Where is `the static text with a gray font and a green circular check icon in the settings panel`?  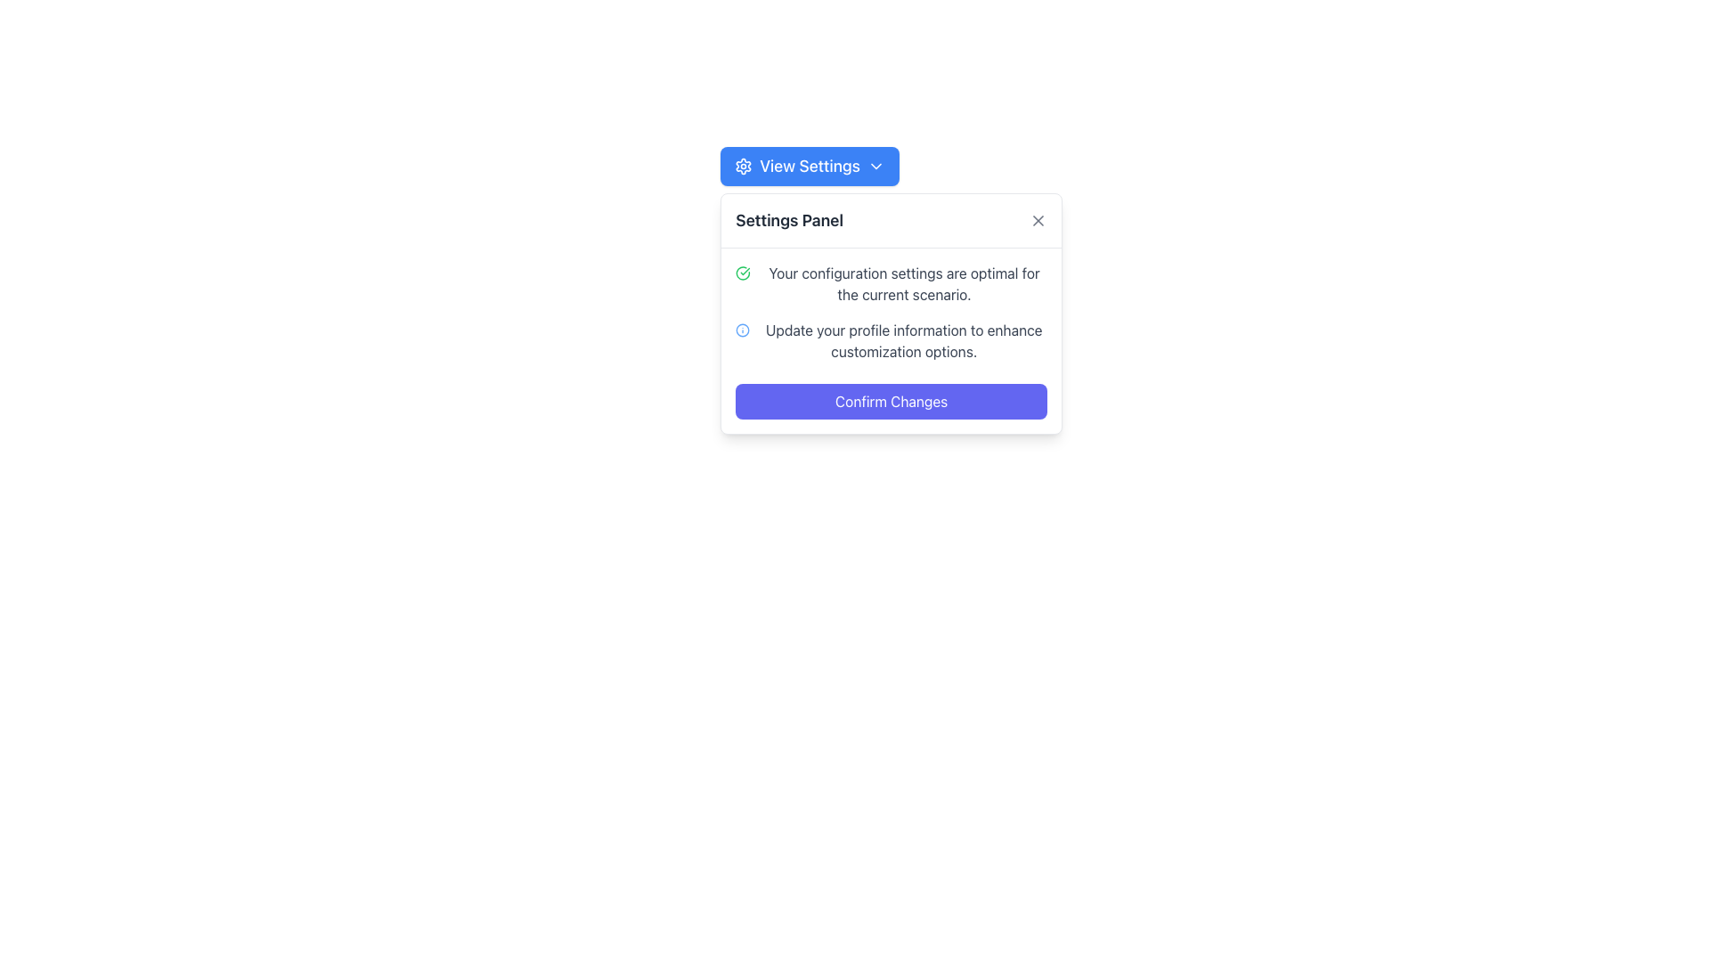
the static text with a gray font and a green circular check icon in the settings panel is located at coordinates (892, 283).